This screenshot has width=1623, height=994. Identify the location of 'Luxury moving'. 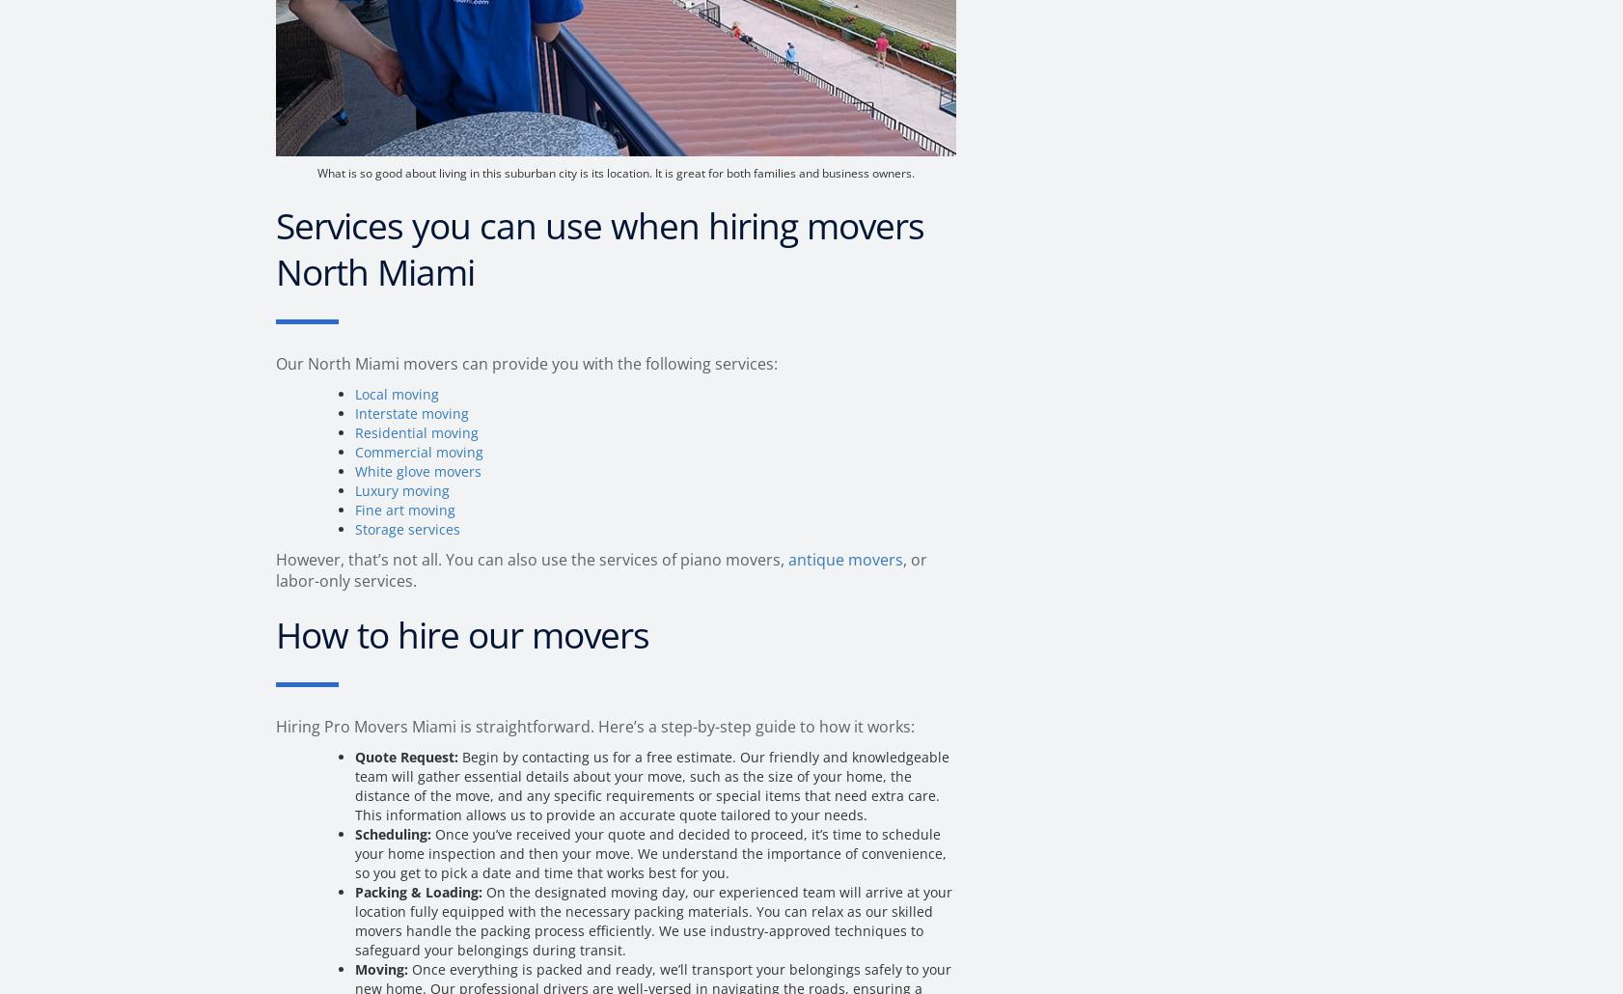
(400, 488).